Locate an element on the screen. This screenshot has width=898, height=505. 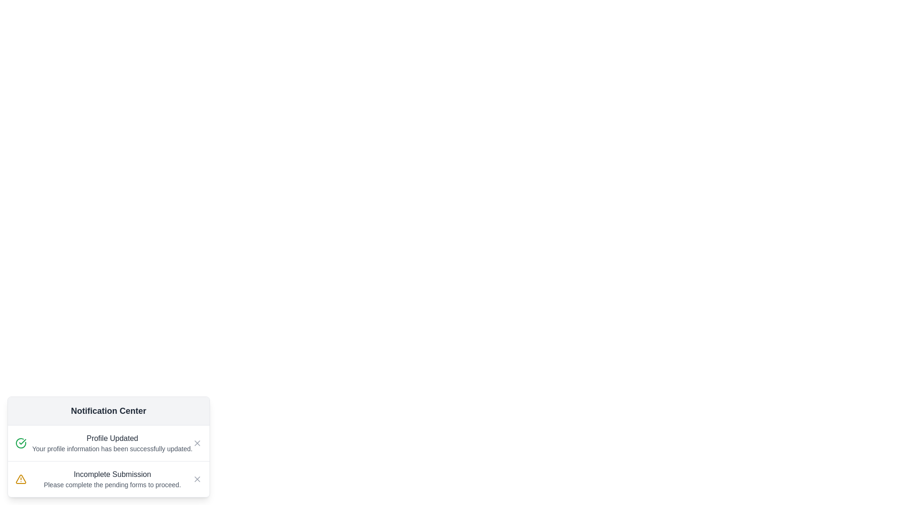
informational text label that instructs users to complete pending forms to proceed, located beneath the 'Incomplete Submission' title is located at coordinates (112, 484).